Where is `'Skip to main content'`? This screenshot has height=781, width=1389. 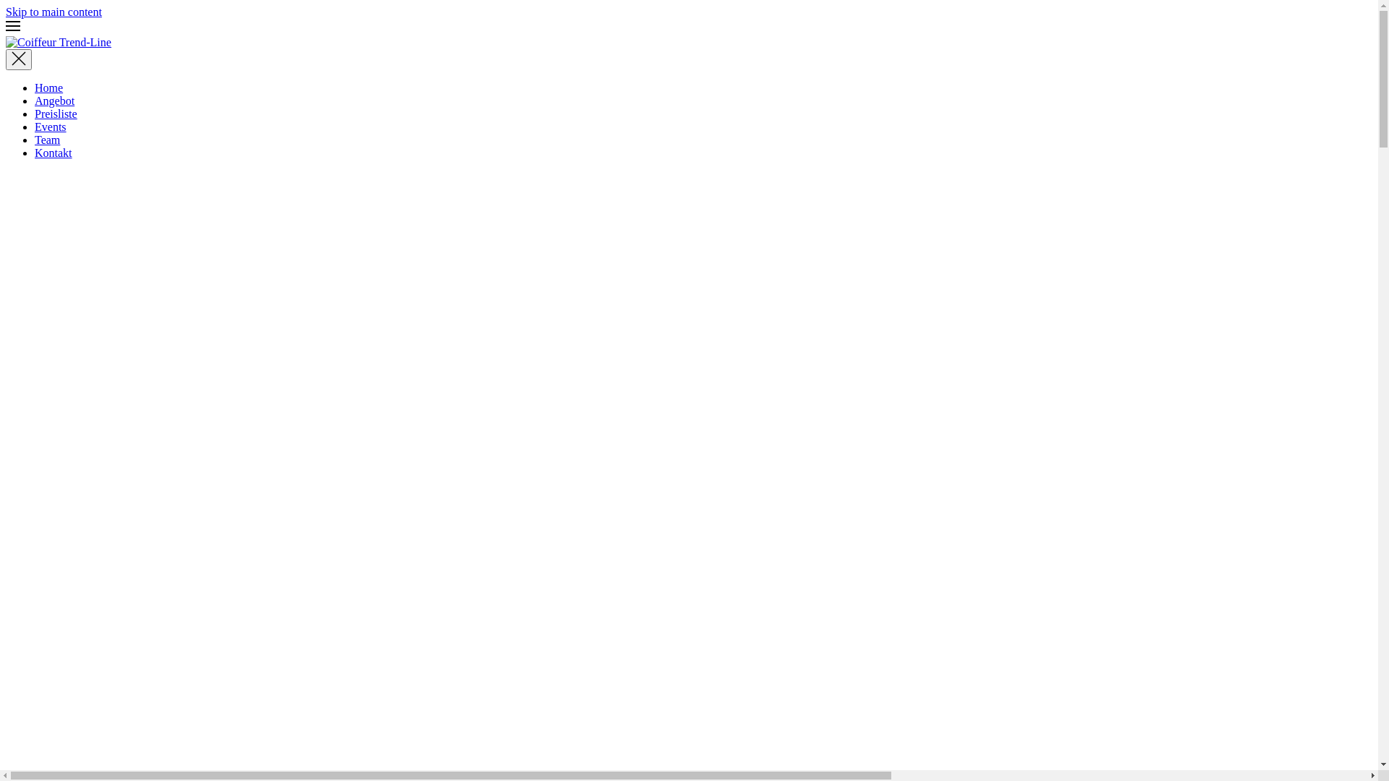 'Skip to main content' is located at coordinates (54, 12).